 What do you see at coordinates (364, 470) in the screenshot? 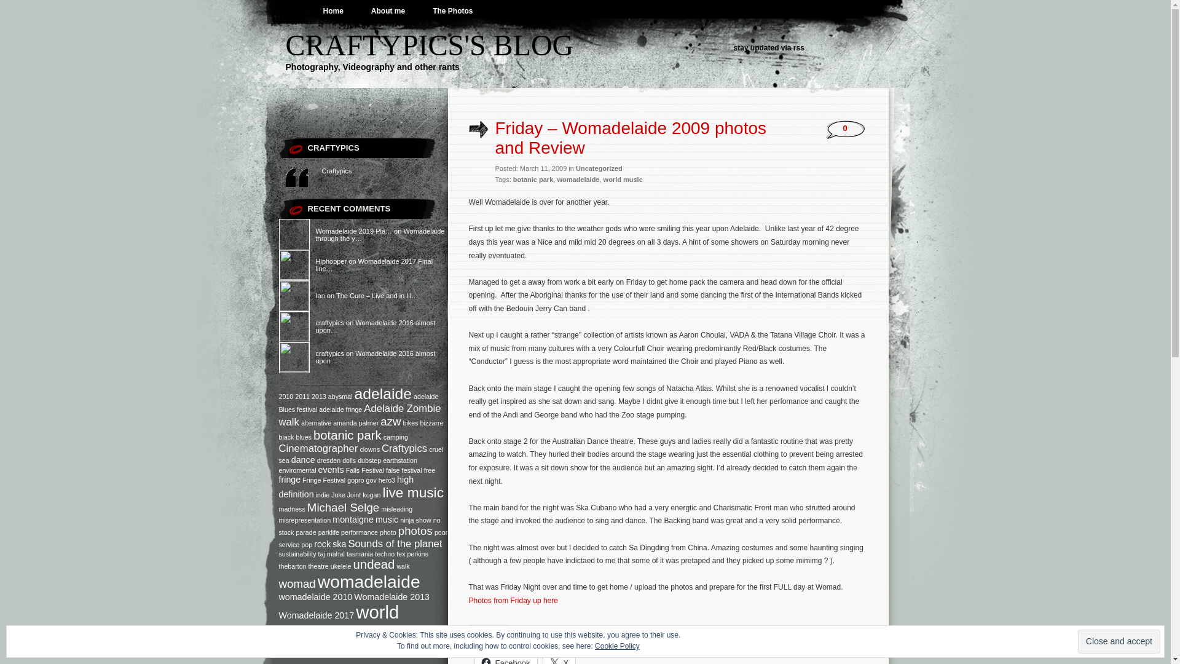
I see `'Falls Festival'` at bounding box center [364, 470].